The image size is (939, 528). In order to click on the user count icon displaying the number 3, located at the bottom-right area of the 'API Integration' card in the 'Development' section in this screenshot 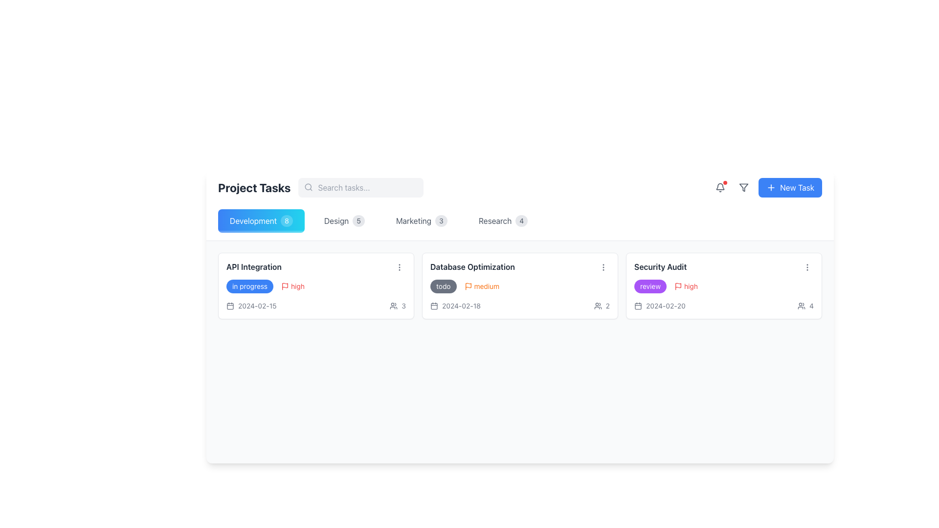, I will do `click(398, 305)`.